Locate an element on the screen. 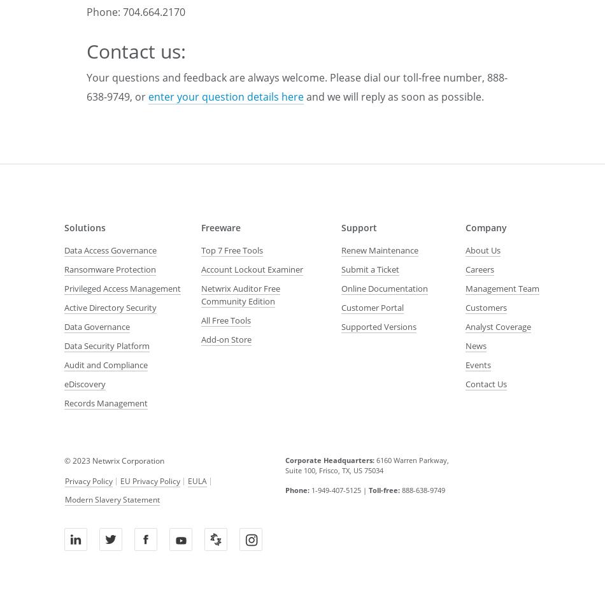  'Support' is located at coordinates (341, 227).